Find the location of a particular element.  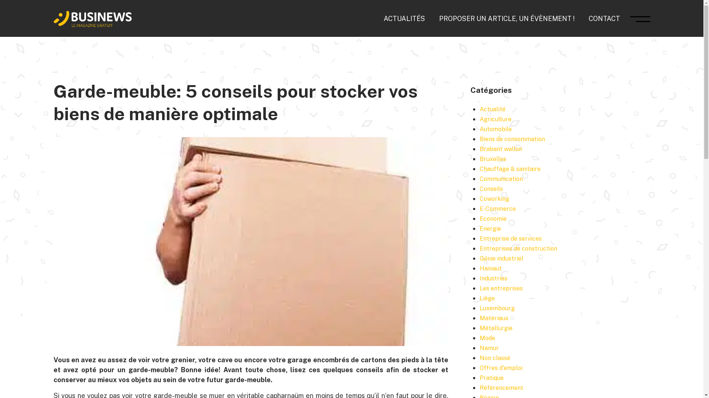

'Namur' is located at coordinates (480, 348).